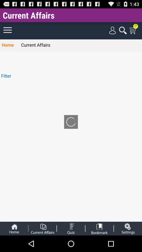 This screenshot has height=252, width=142. Describe the element at coordinates (99, 228) in the screenshot. I see `bookmark the page` at that location.